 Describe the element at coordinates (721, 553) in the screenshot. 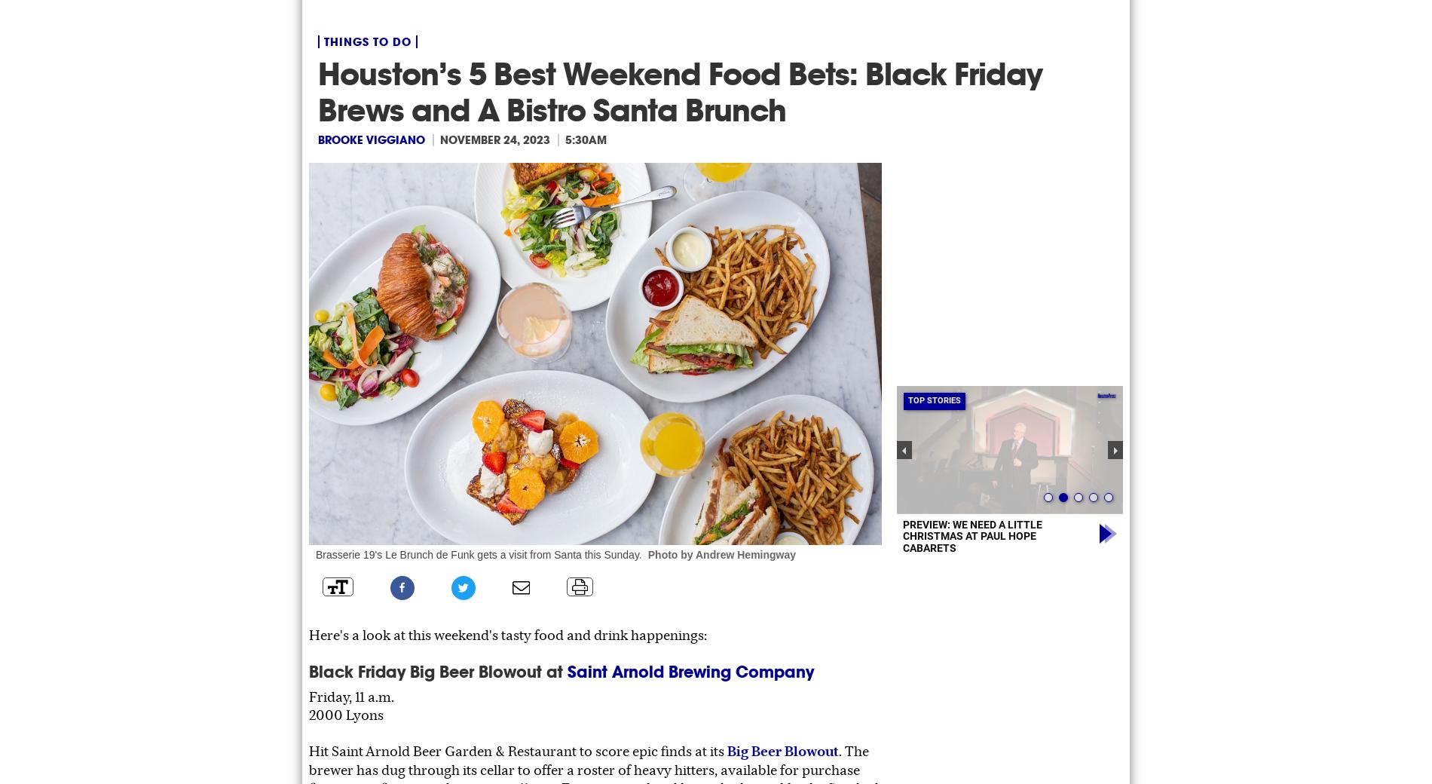

I see `'Photo by Andrew Hemingway'` at that location.